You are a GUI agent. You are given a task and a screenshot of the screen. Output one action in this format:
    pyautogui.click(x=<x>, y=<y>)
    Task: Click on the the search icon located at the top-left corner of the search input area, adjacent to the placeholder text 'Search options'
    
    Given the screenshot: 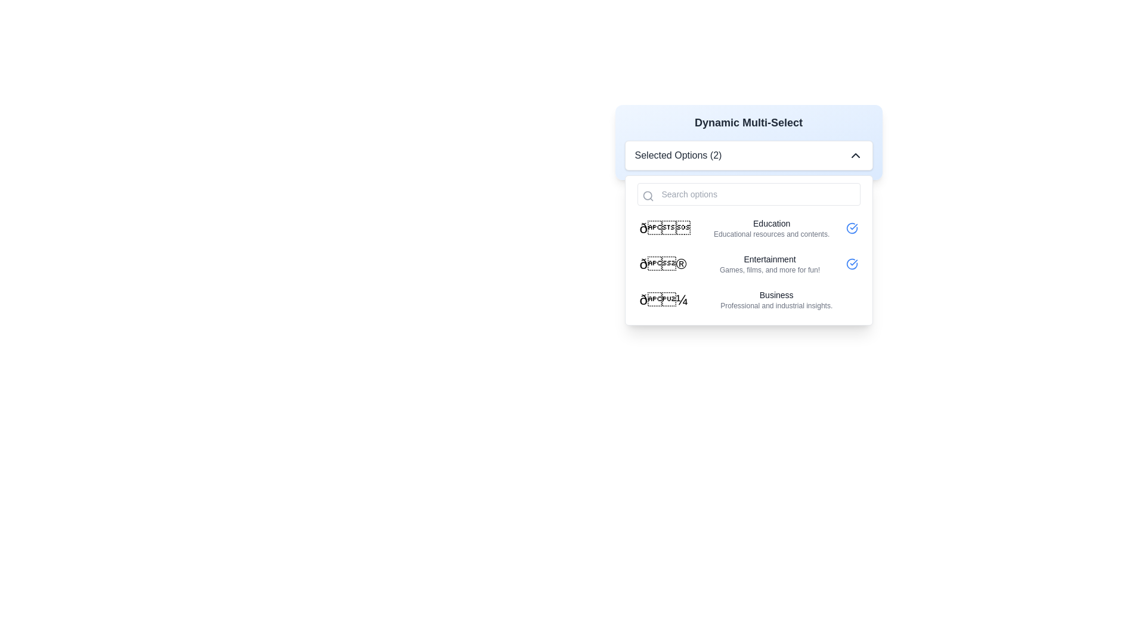 What is the action you would take?
    pyautogui.click(x=647, y=195)
    